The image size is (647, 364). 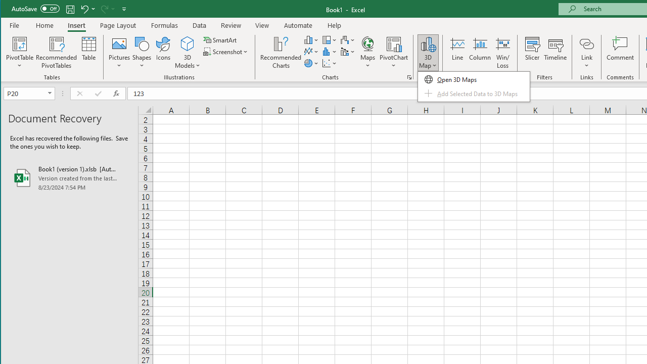 I want to click on 'Insert Statistic Chart', so click(x=330, y=52).